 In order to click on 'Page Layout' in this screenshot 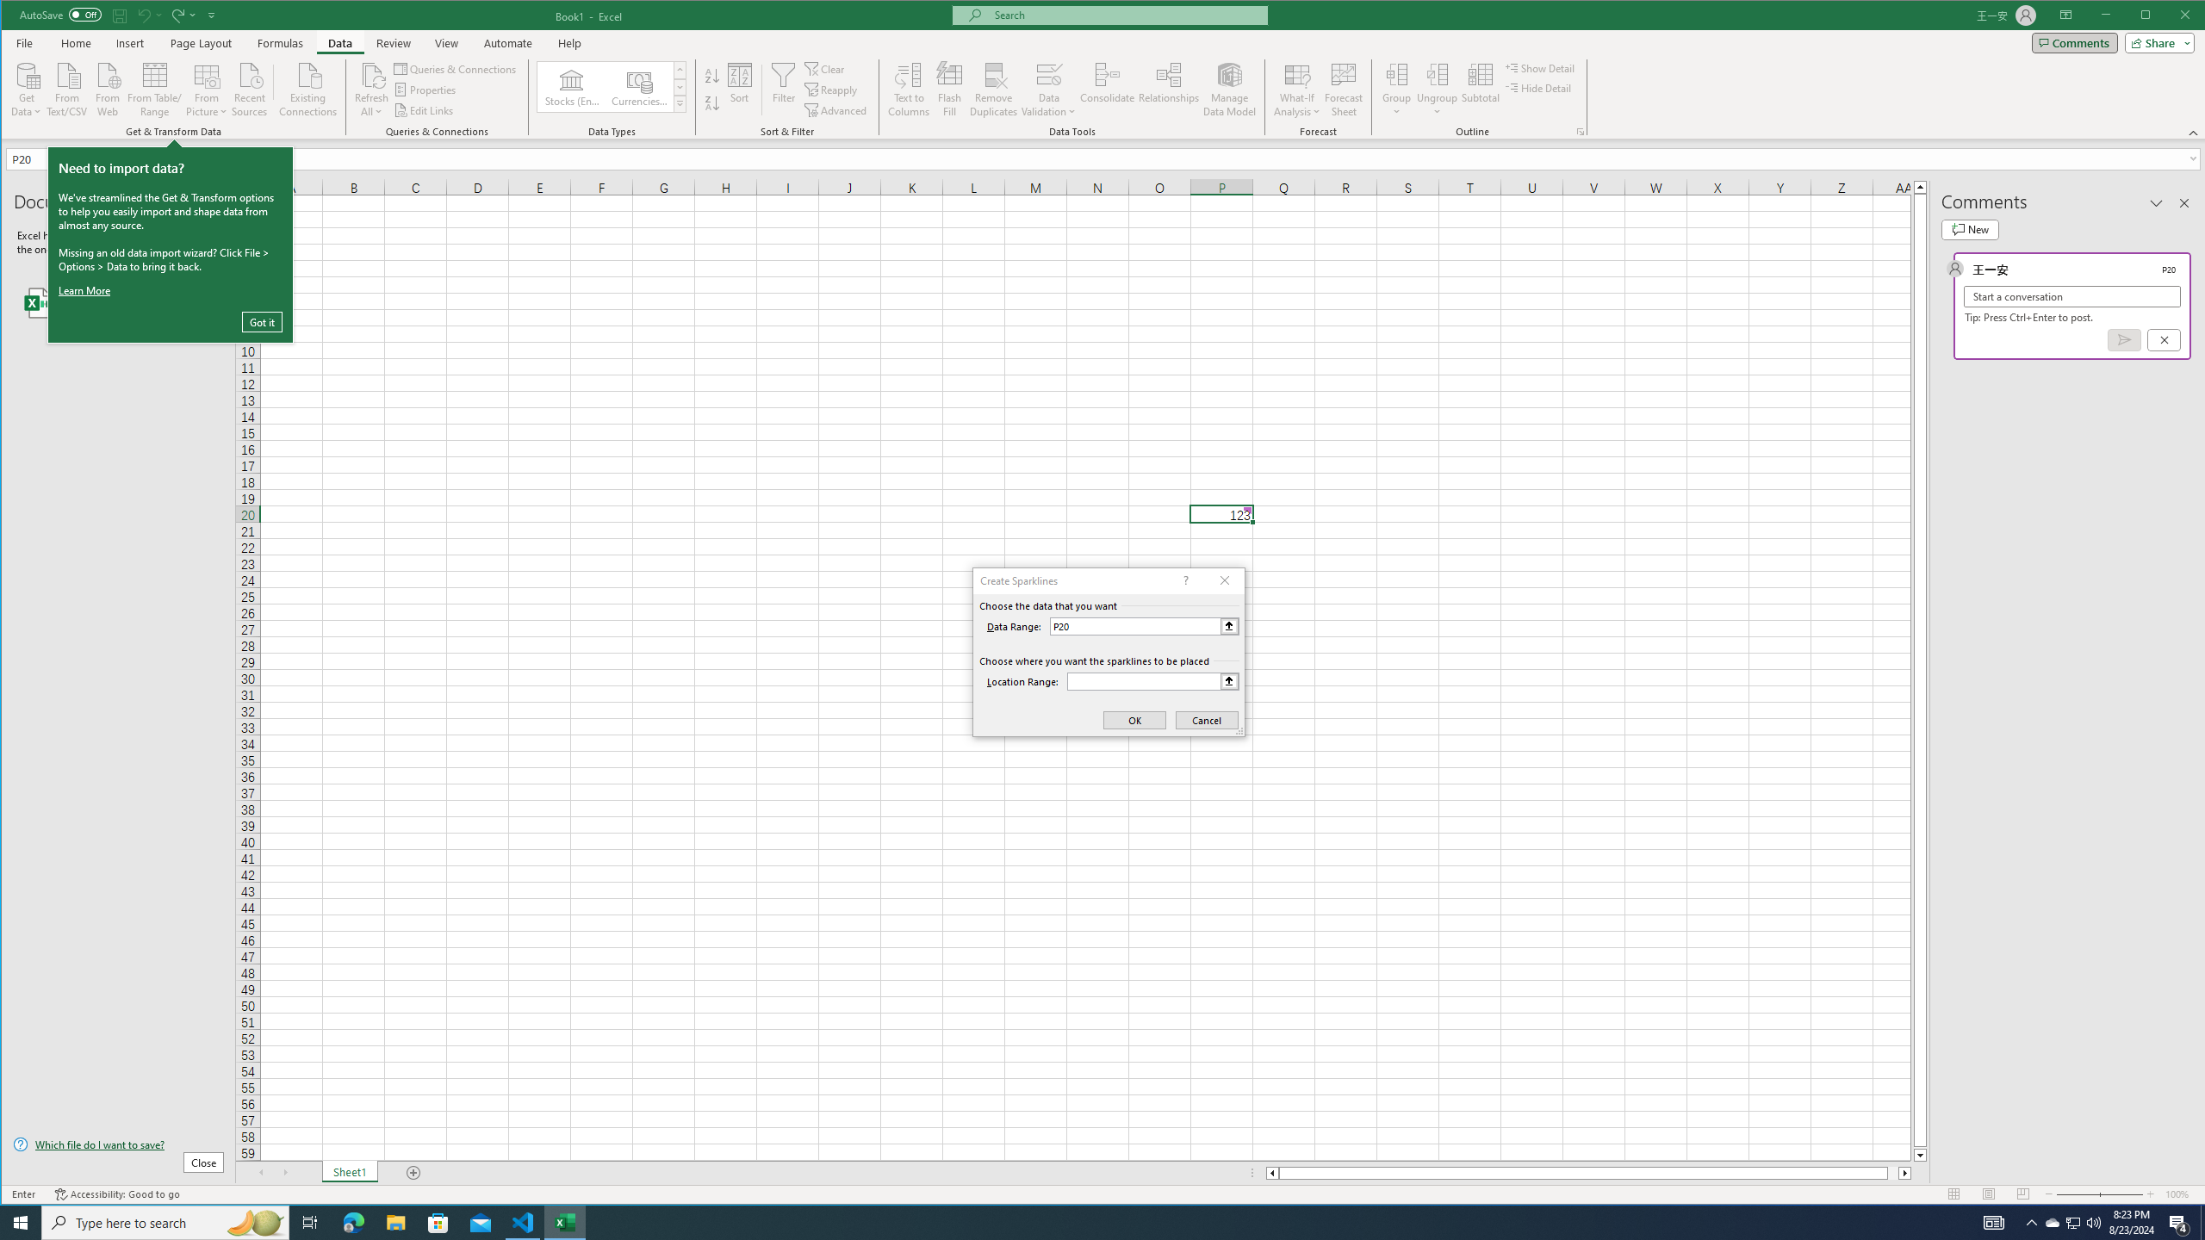, I will do `click(200, 42)`.